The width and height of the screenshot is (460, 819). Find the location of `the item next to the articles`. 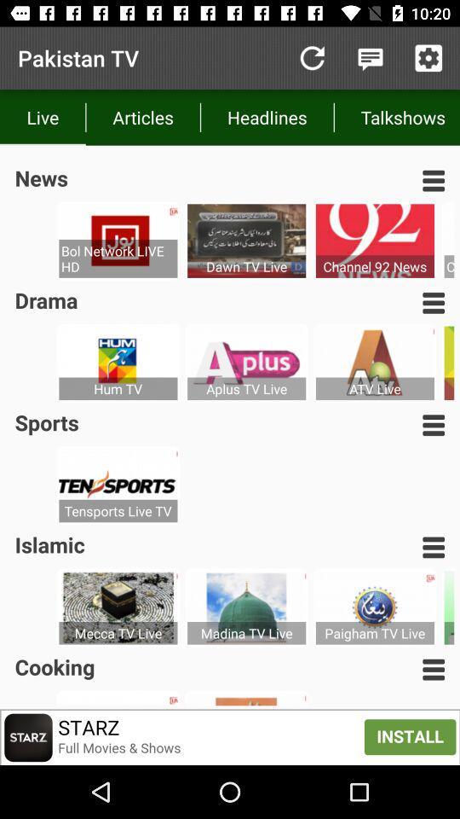

the item next to the articles is located at coordinates (311, 58).